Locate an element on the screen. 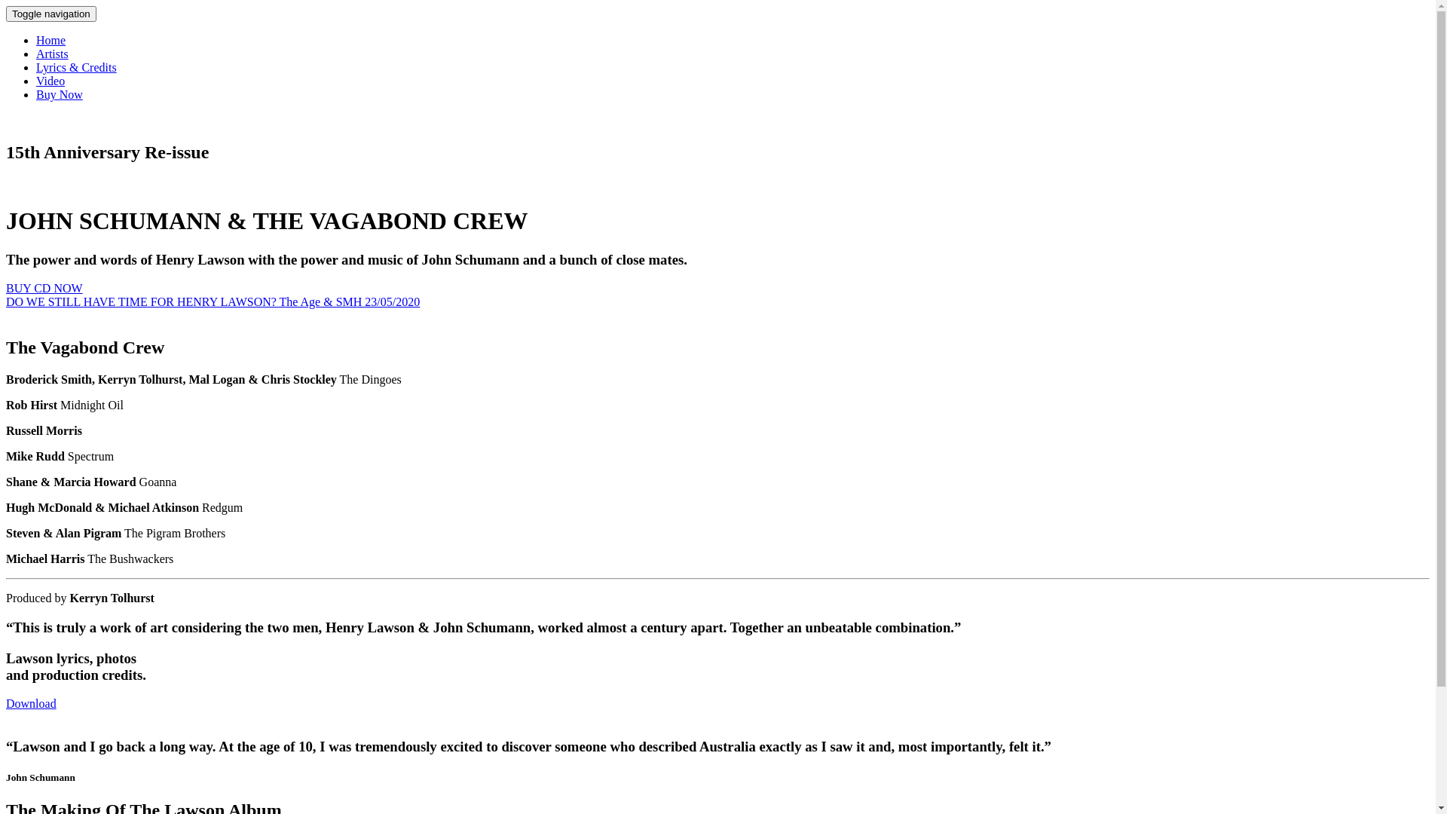 This screenshot has height=814, width=1447. 'Artists' is located at coordinates (52, 53).